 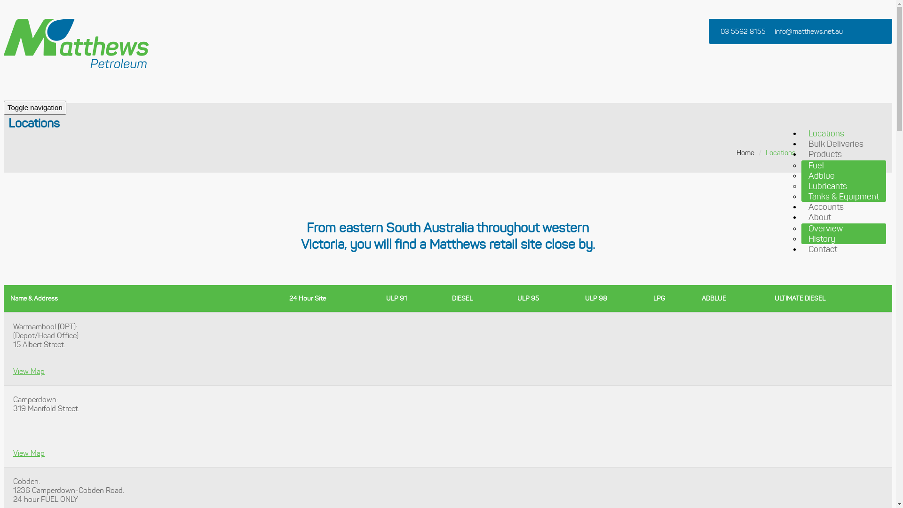 I want to click on 'Home', so click(x=745, y=152).